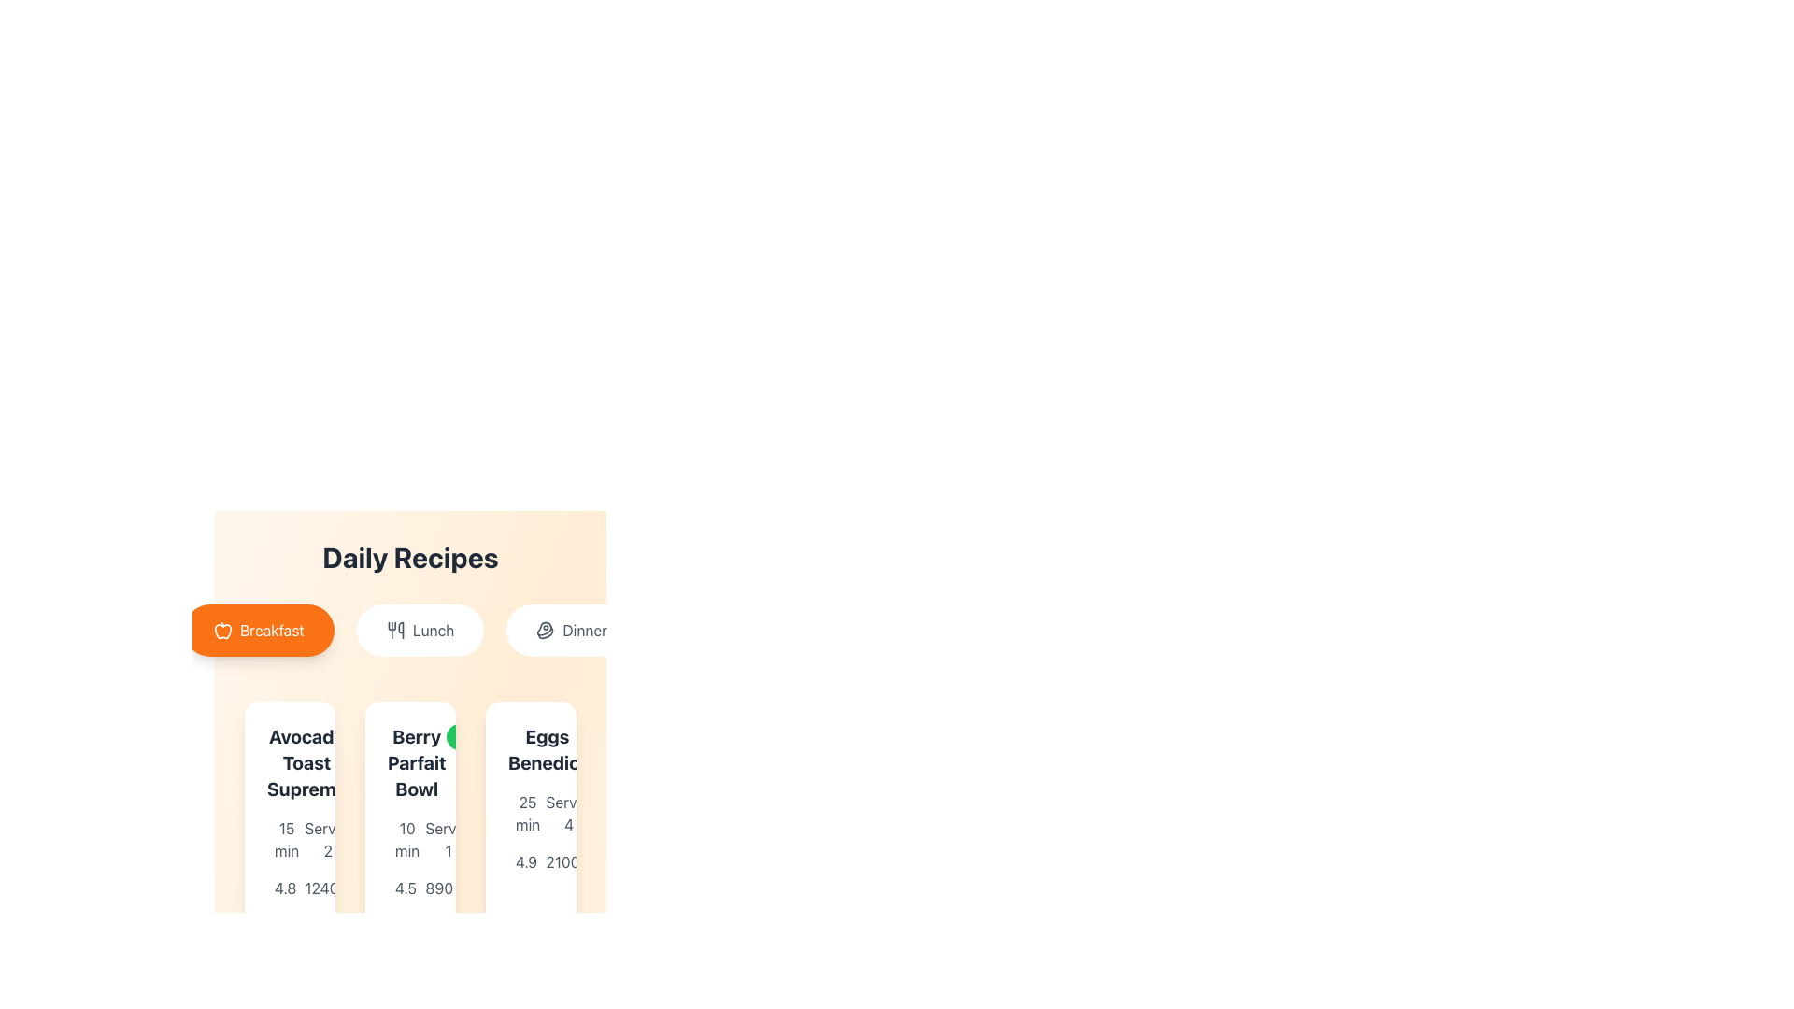 The image size is (1794, 1009). What do you see at coordinates (409, 631) in the screenshot?
I see `the 'Lunch' filter button located beneath the 'Daily Recipes' title` at bounding box center [409, 631].